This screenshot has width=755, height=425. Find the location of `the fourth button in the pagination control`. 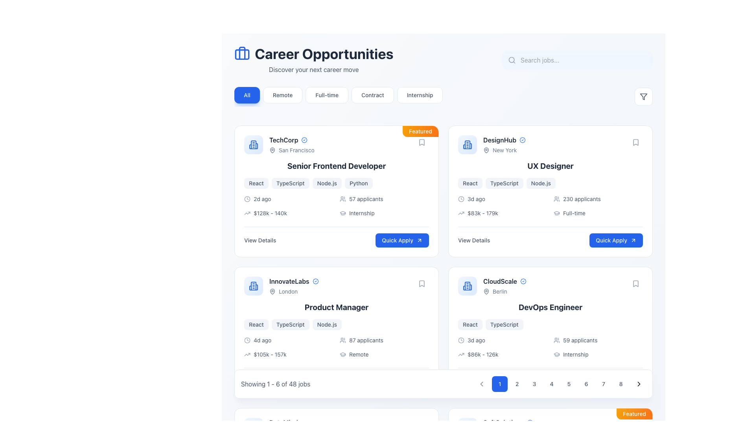

the fourth button in the pagination control is located at coordinates (551, 383).